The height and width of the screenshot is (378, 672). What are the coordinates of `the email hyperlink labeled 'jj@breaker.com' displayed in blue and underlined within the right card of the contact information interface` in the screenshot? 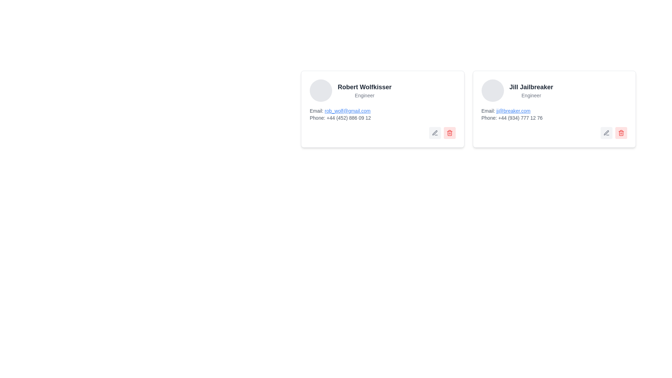 It's located at (554, 110).